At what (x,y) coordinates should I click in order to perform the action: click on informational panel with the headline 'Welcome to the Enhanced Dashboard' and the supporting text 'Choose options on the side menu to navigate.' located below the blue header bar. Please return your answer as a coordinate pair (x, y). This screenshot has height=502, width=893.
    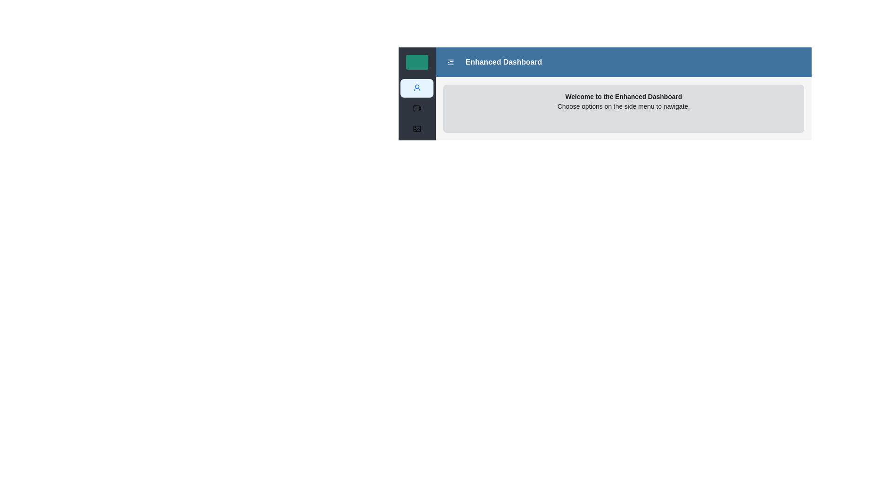
    Looking at the image, I should click on (623, 108).